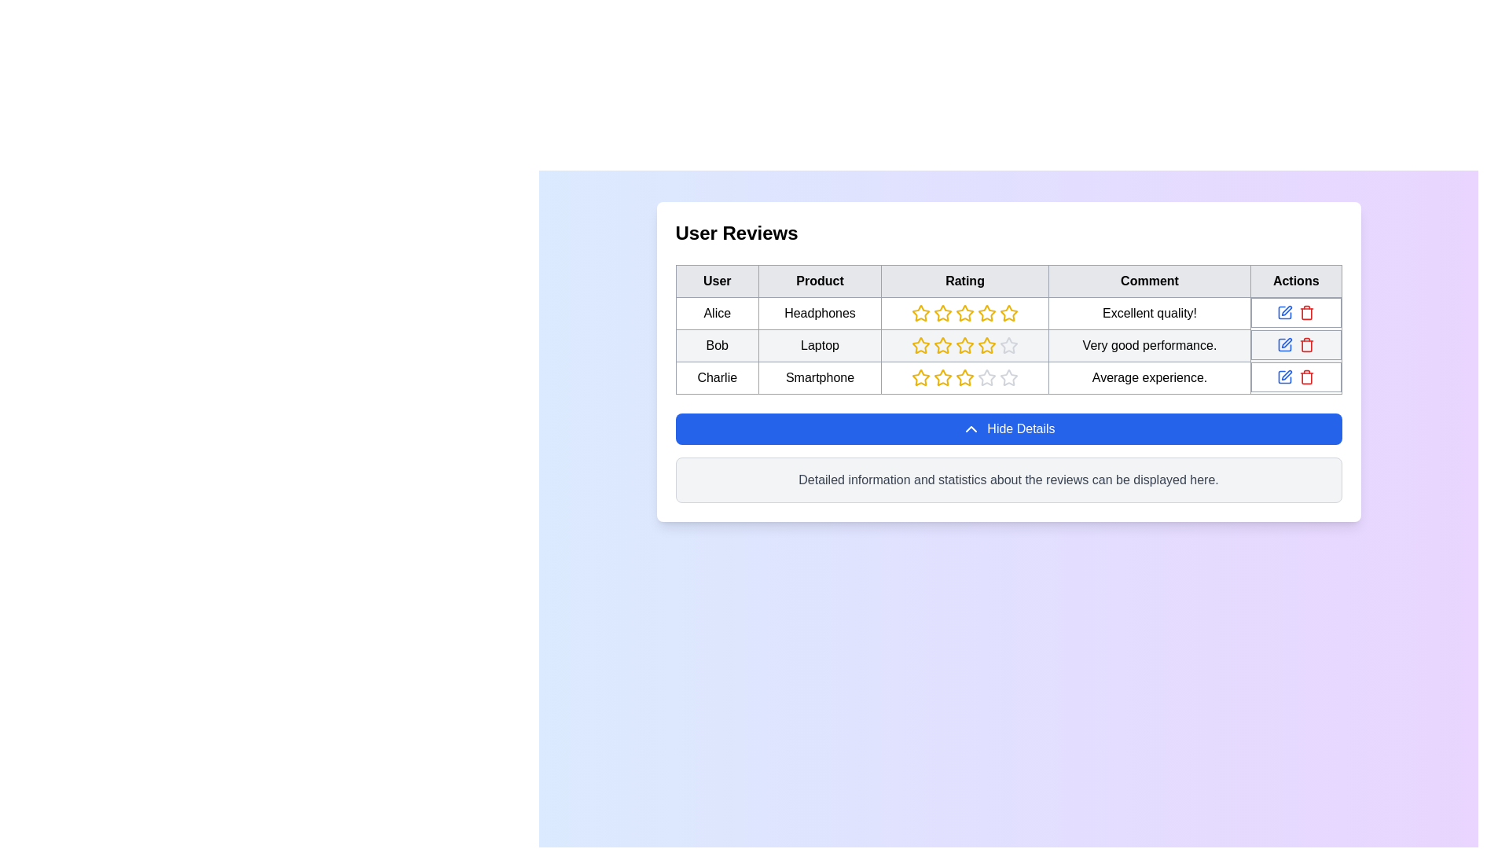 This screenshot has width=1509, height=849. I want to click on the rating status by clicking on the last gray star icon in the rating section of the third row within the review table, so click(1009, 378).